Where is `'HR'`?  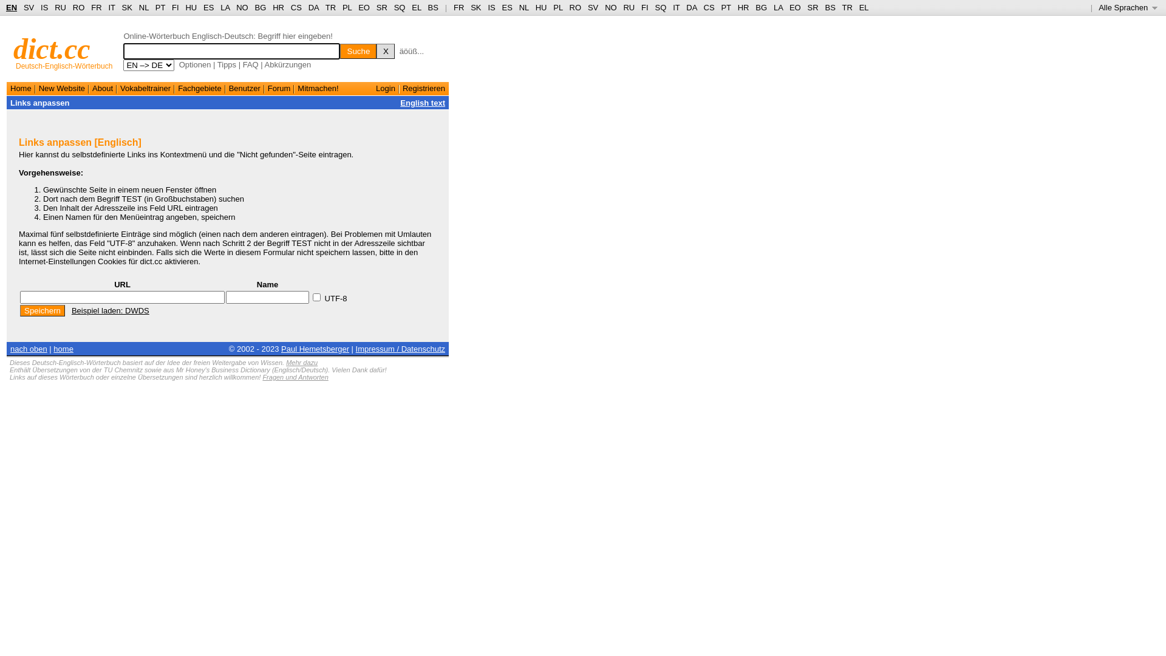
'HR' is located at coordinates (278, 7).